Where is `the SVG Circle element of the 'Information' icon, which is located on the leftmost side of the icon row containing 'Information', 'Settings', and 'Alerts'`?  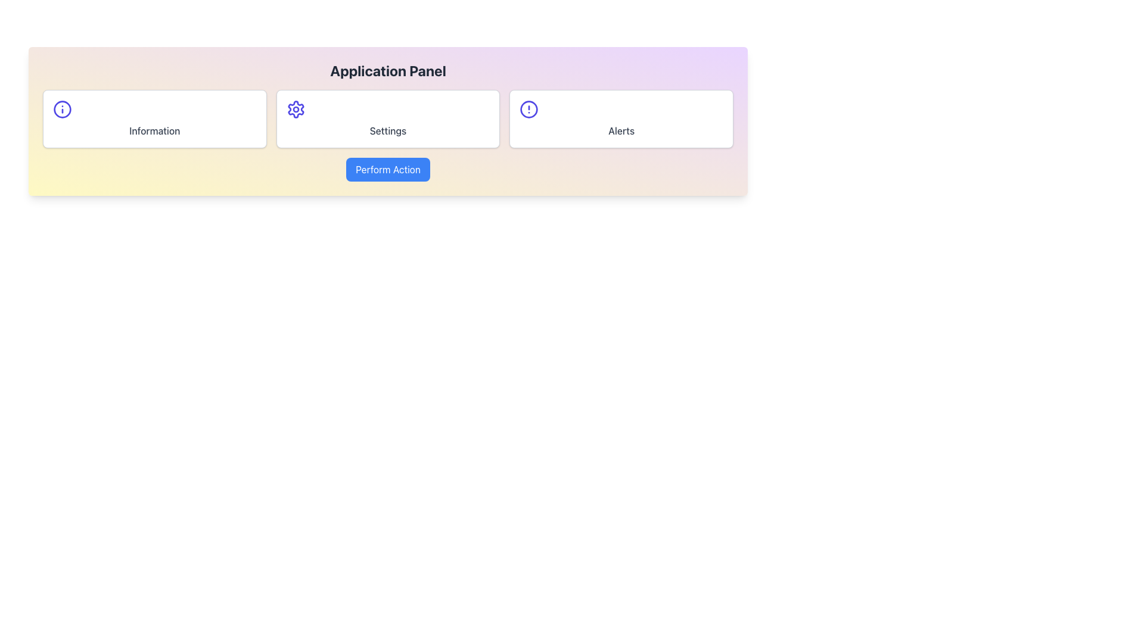 the SVG Circle element of the 'Information' icon, which is located on the leftmost side of the icon row containing 'Information', 'Settings', and 'Alerts' is located at coordinates (62, 110).